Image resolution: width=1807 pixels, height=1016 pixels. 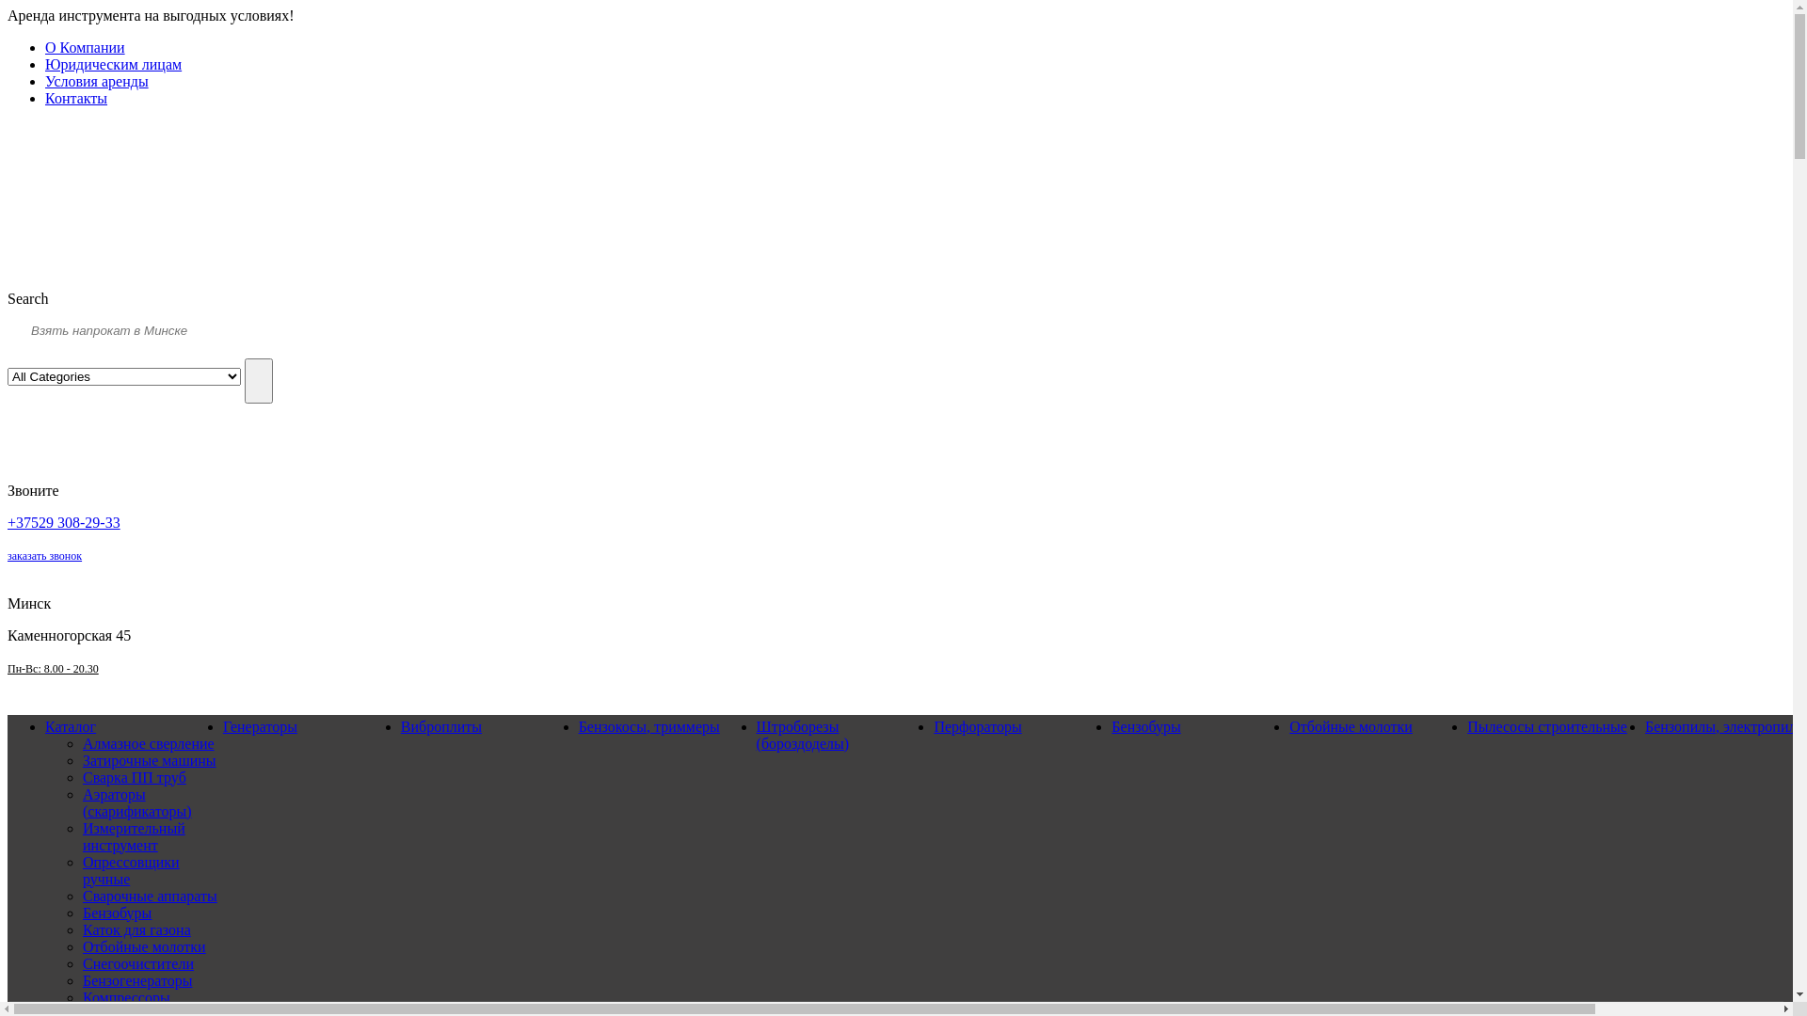 I want to click on 'Search', so click(x=257, y=380).